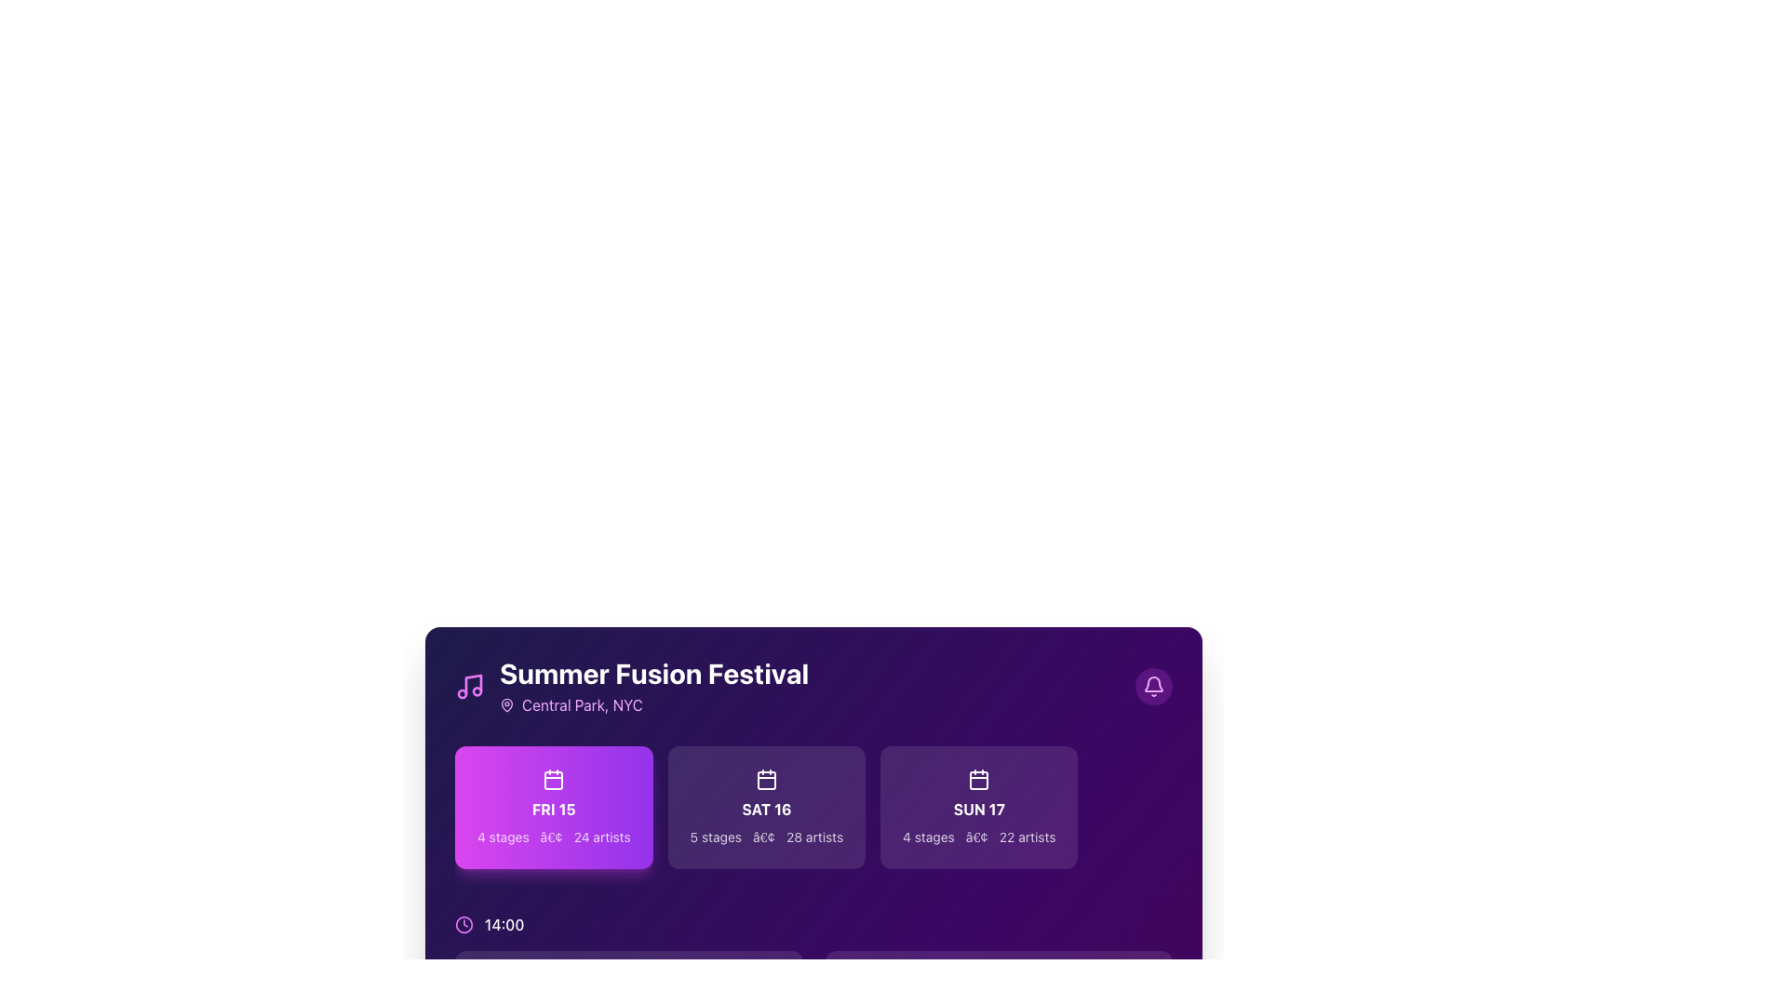  What do you see at coordinates (978, 781) in the screenshot?
I see `the calendar icon representing 'SUN 17' located in the rightmost box of day labels` at bounding box center [978, 781].